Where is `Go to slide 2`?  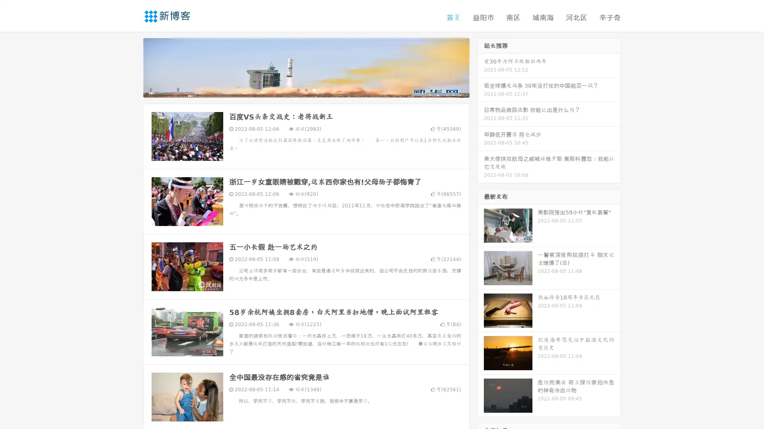 Go to slide 2 is located at coordinates (306, 89).